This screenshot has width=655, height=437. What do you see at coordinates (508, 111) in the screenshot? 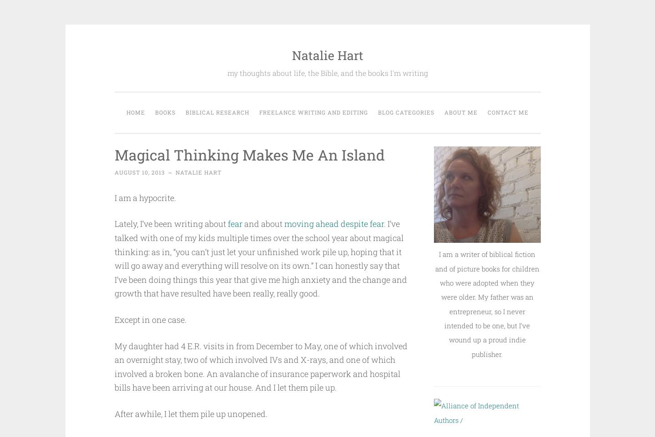
I see `'Contact me'` at bounding box center [508, 111].